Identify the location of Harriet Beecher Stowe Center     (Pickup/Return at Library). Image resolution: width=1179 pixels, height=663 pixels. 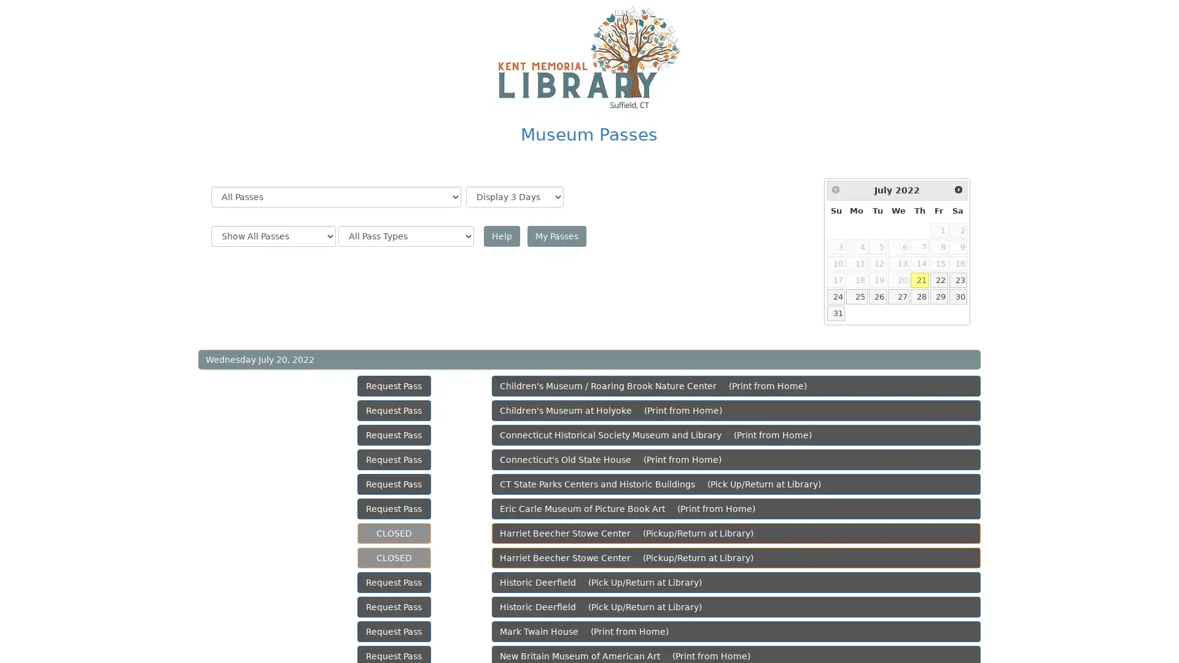
(736, 532).